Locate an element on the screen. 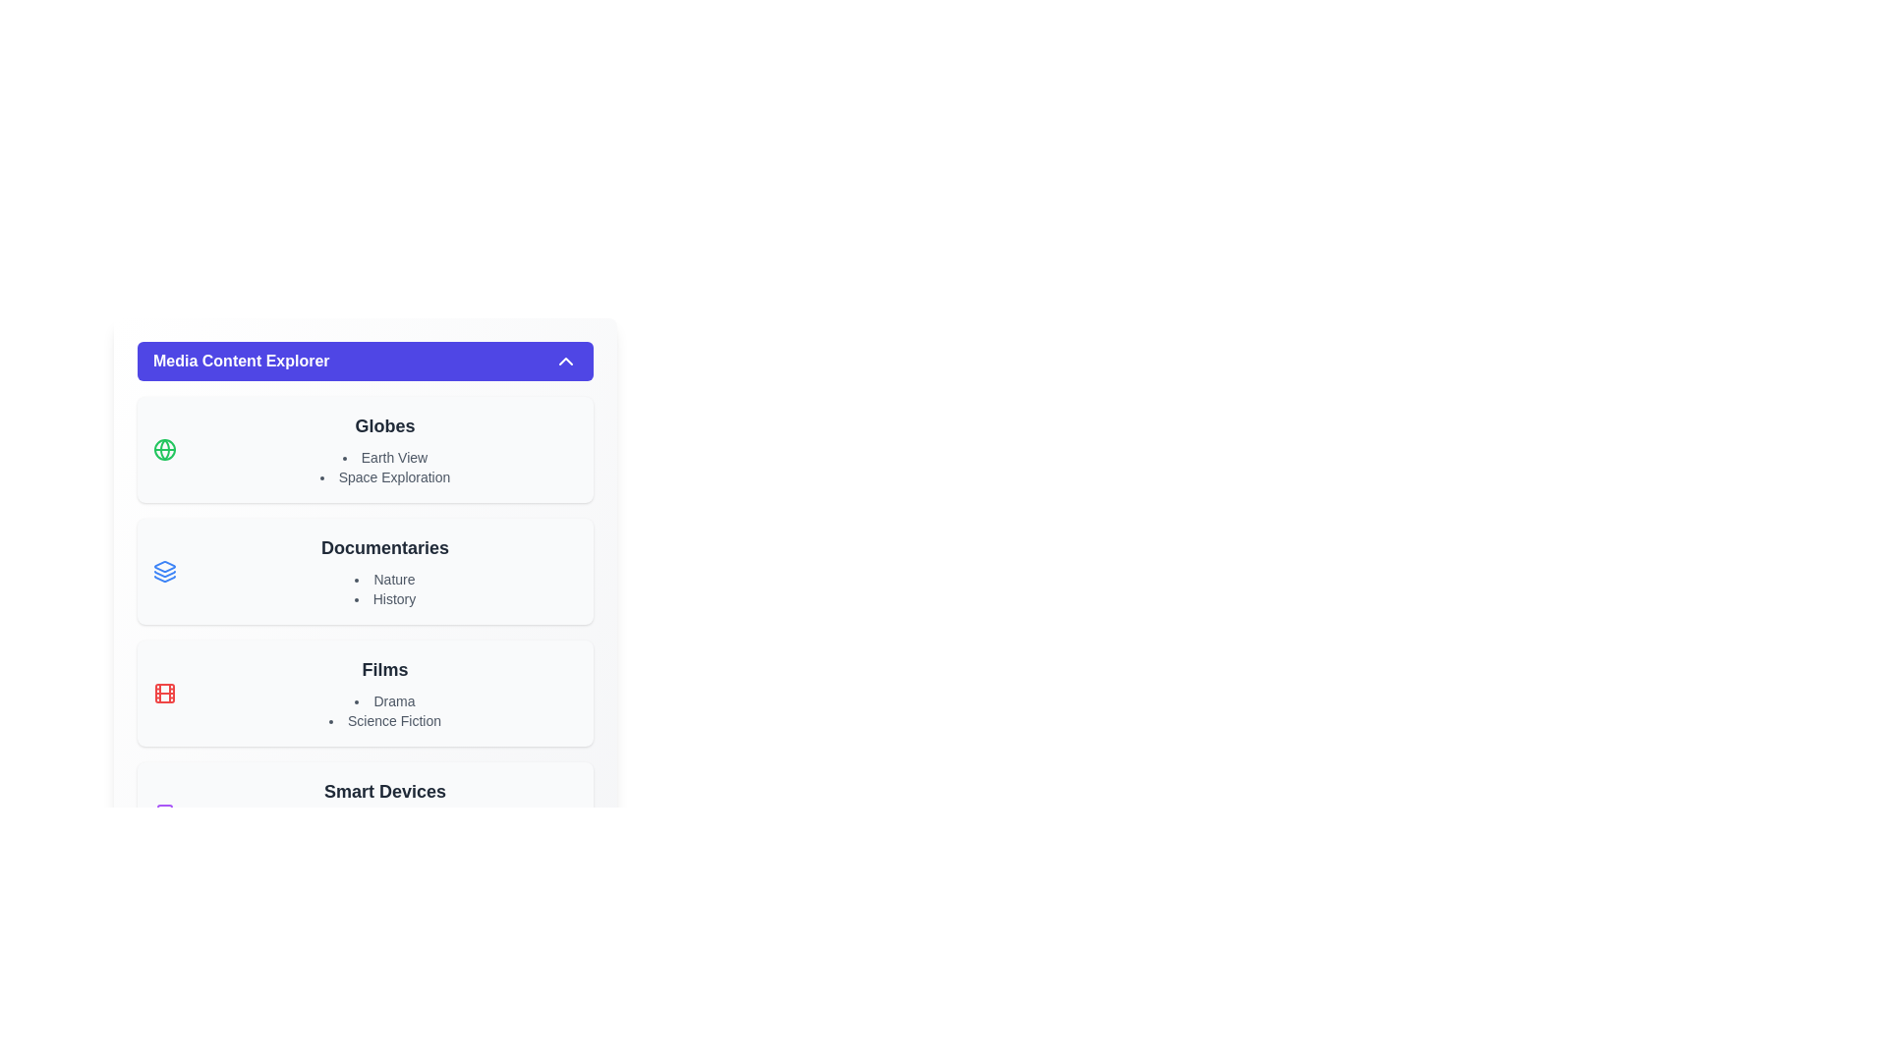 The image size is (1887, 1061). text items 'Drama' and 'Science Fiction' from the Text List located in the 'Films' section below the heading 'Films.' is located at coordinates (385, 711).